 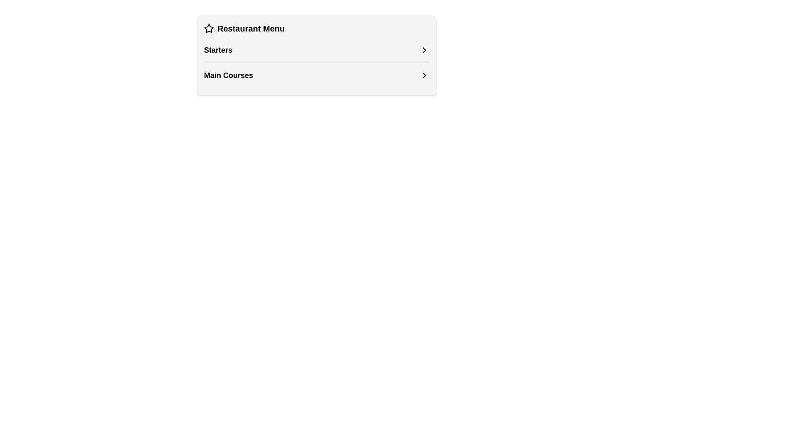 I want to click on the 'Starters' menu option located in the main menu card, positioned as the first row under the restaurant's menu title, so click(x=316, y=50).